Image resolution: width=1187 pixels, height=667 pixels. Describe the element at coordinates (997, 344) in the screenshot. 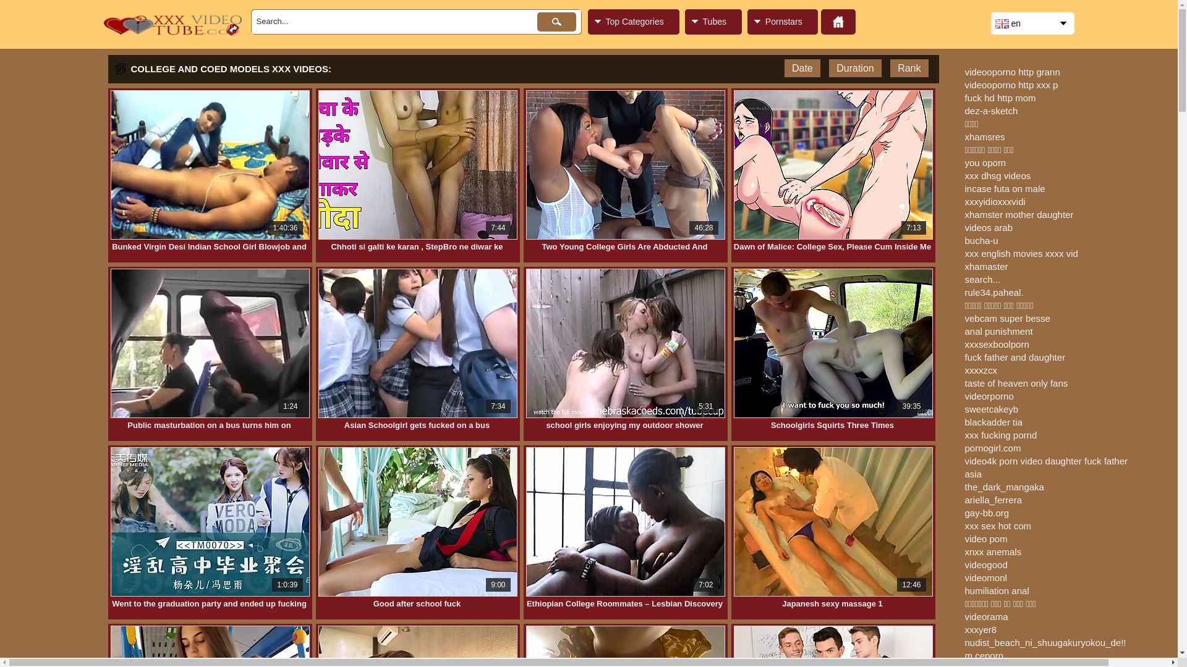

I see `'xxxsexboolporn'` at that location.